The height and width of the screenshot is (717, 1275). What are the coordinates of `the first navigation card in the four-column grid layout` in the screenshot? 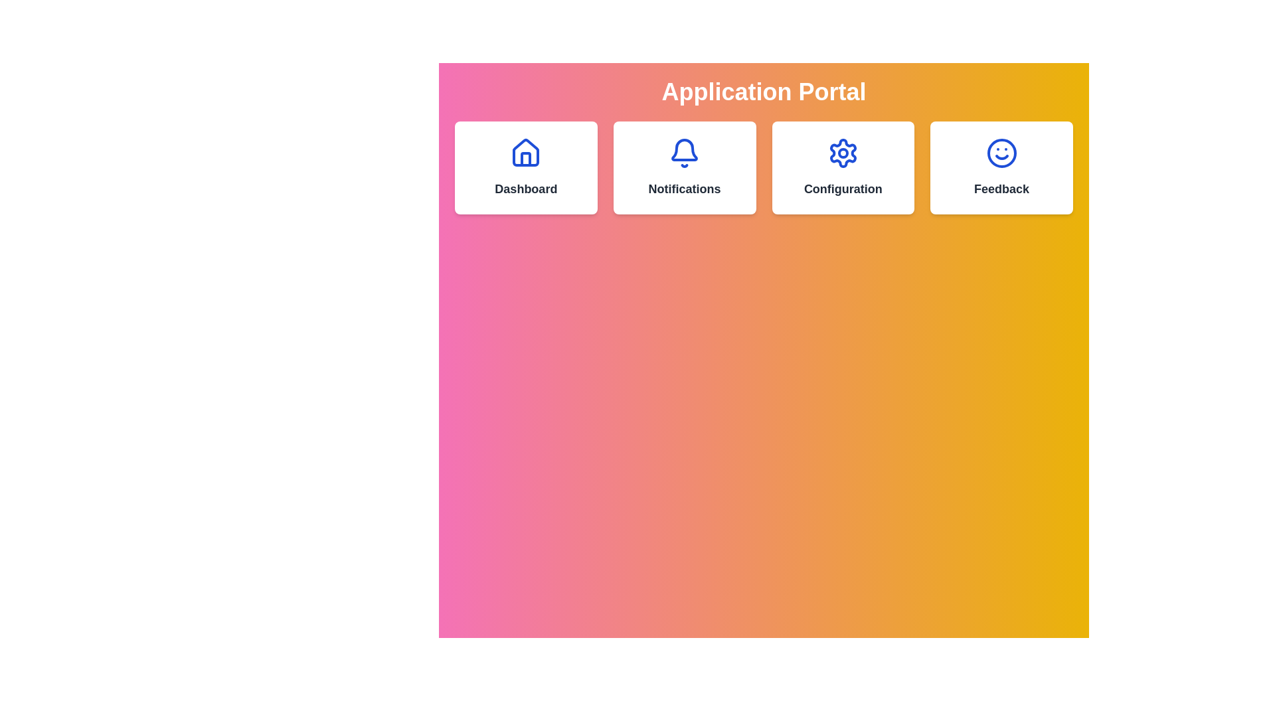 It's located at (525, 167).